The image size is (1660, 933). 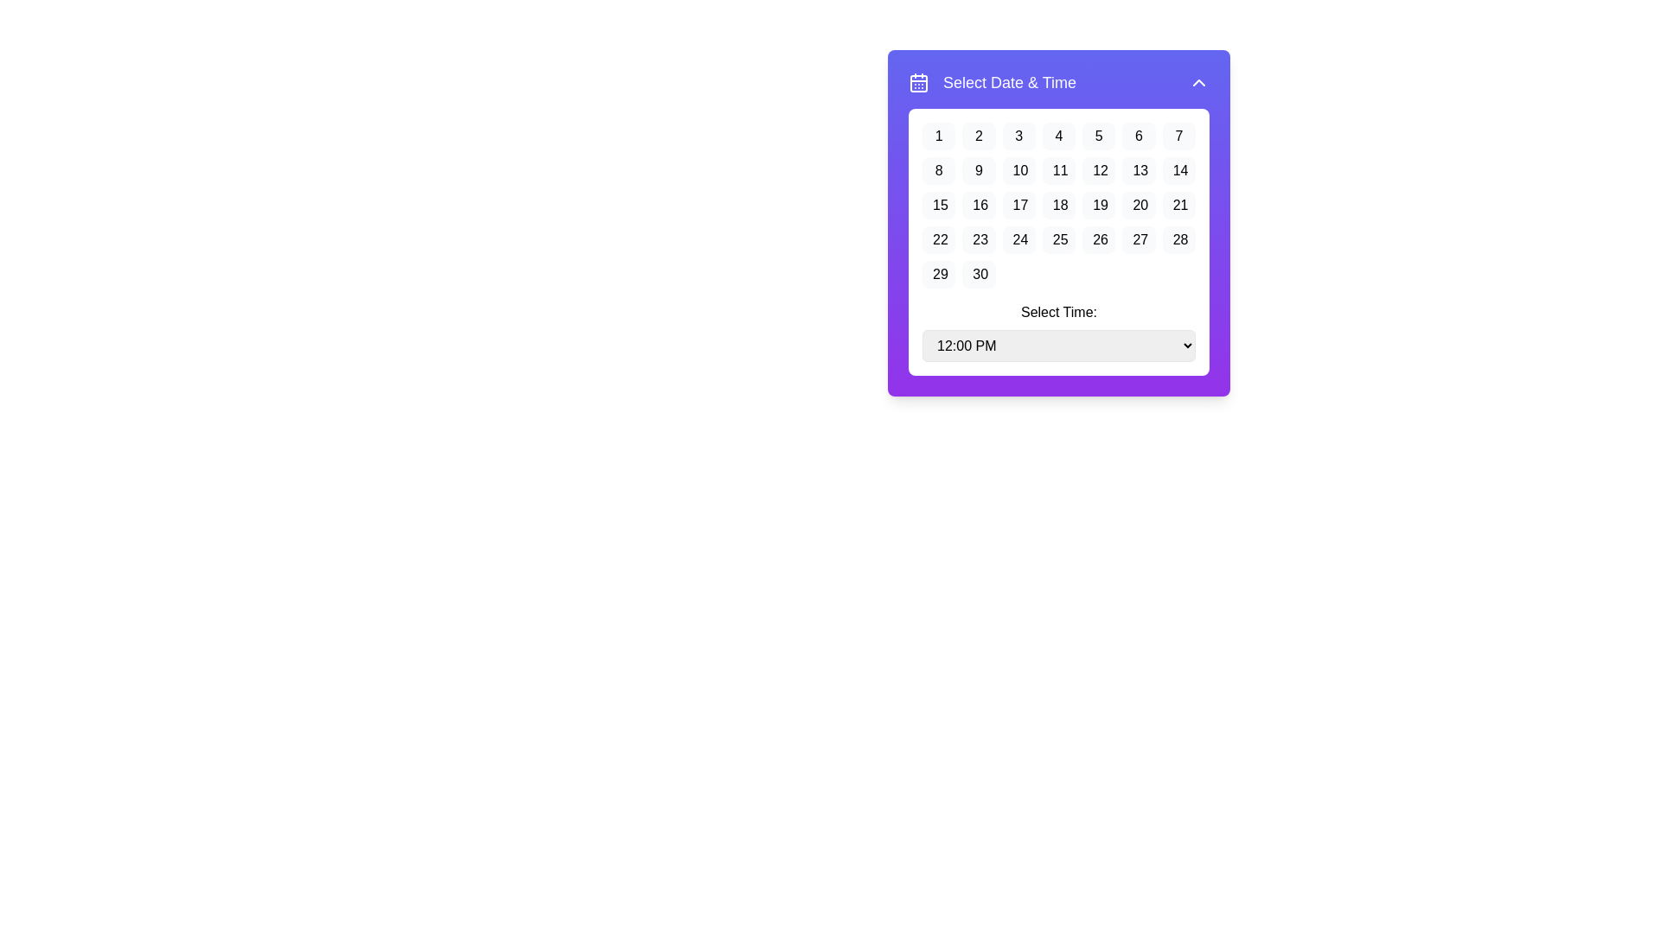 What do you see at coordinates (979, 273) in the screenshot?
I see `the button labeled '30' with rounded corners` at bounding box center [979, 273].